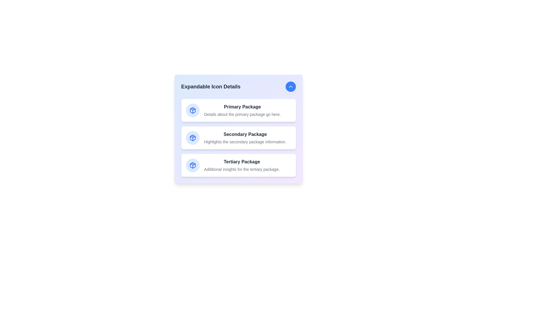 The height and width of the screenshot is (309, 550). I want to click on the text label 'Tertiary Package', which is styled in bold font and dark gray color, located within the 'Expandable Icon Details' section under 'Secondary Package', so click(242, 162).